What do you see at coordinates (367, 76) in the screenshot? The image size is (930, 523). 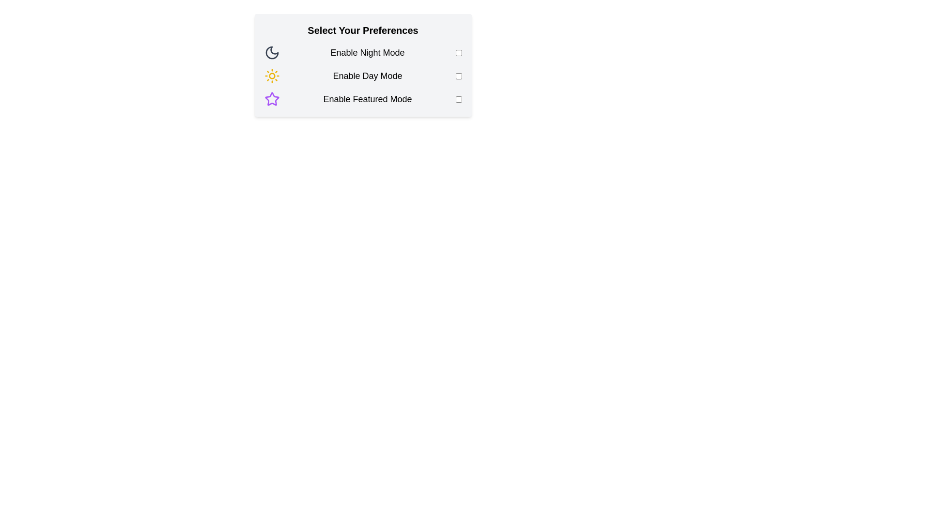 I see `the 'Day Mode' text label that describes the adjacent checkbox, which is located in the second row of the column layout, flanked by a sun icon and a checkbox` at bounding box center [367, 76].